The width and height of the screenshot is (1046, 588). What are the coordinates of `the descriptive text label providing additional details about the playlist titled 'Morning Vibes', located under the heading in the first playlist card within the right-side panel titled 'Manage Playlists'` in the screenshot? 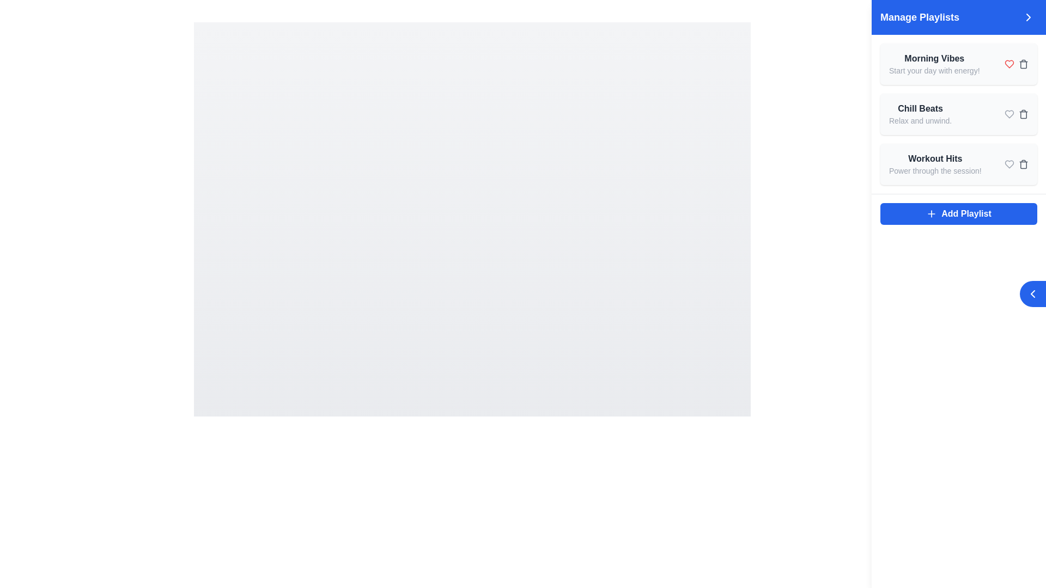 It's located at (934, 71).